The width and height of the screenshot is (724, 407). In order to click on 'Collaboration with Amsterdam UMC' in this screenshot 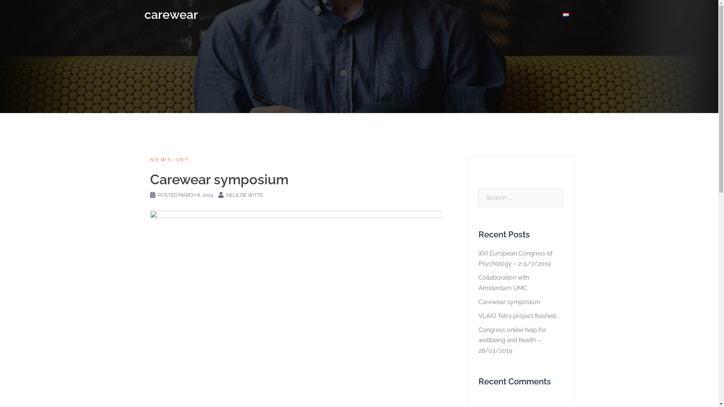, I will do `click(503, 282)`.